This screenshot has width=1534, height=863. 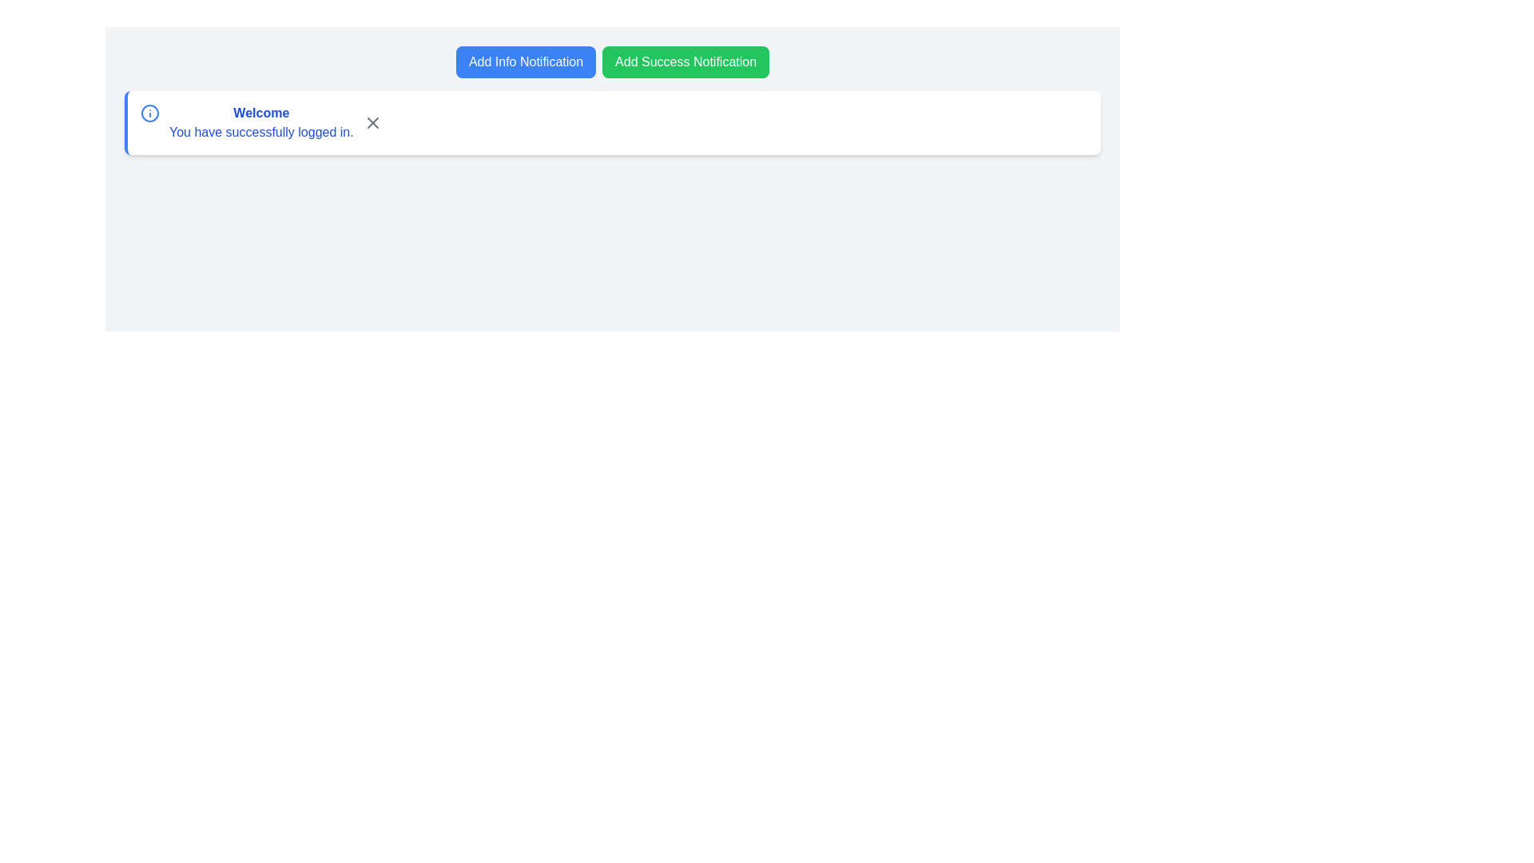 What do you see at coordinates (261, 131) in the screenshot?
I see `the Static Text Label that reads 'You have successfully logged in.' located below the bolded text 'Welcome' in the notification bar` at bounding box center [261, 131].